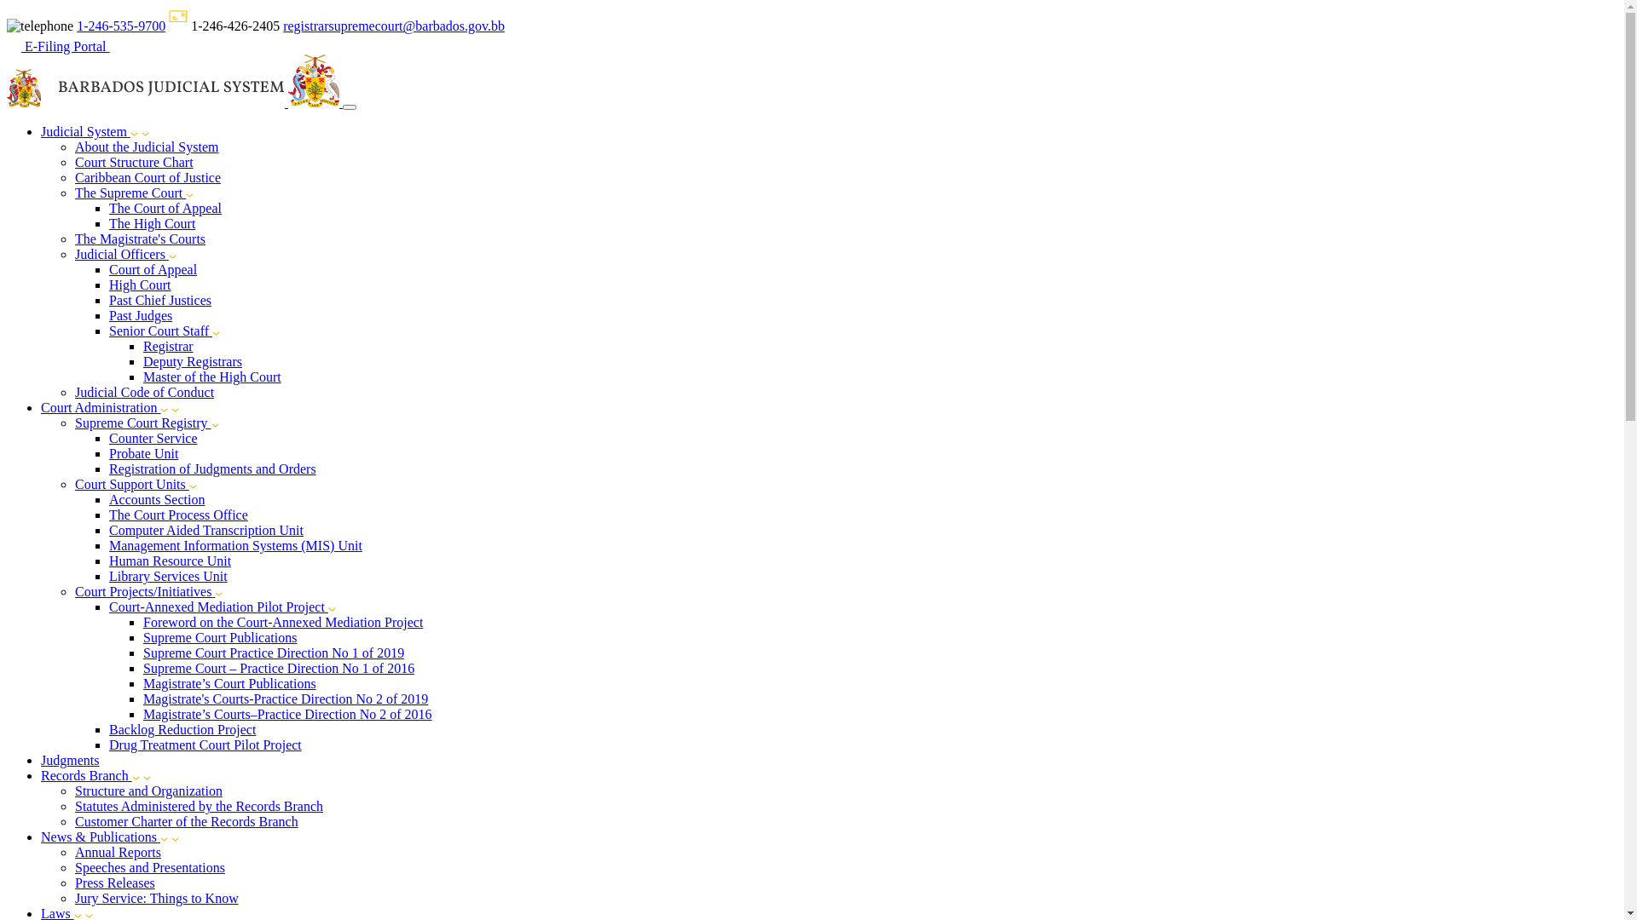  I want to click on 'Supreme Court Registry', so click(143, 422).